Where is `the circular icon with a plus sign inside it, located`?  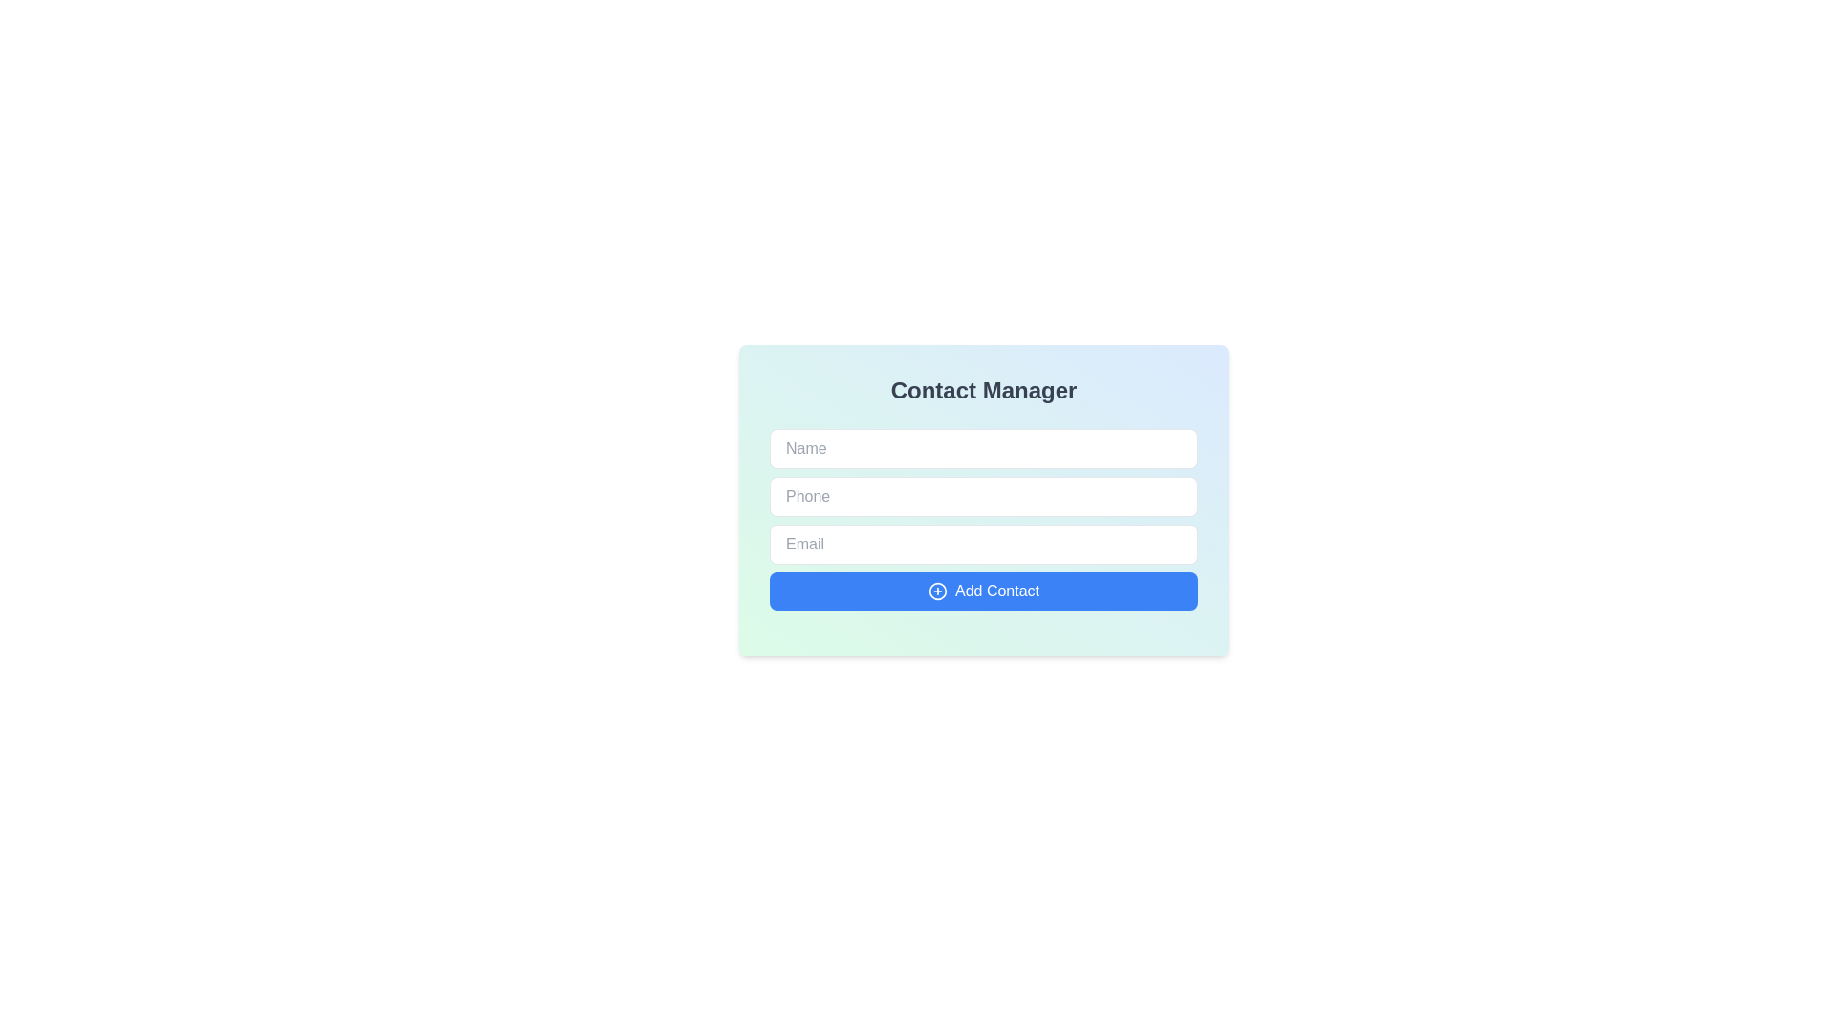
the circular icon with a plus sign inside it, located is located at coordinates (937, 590).